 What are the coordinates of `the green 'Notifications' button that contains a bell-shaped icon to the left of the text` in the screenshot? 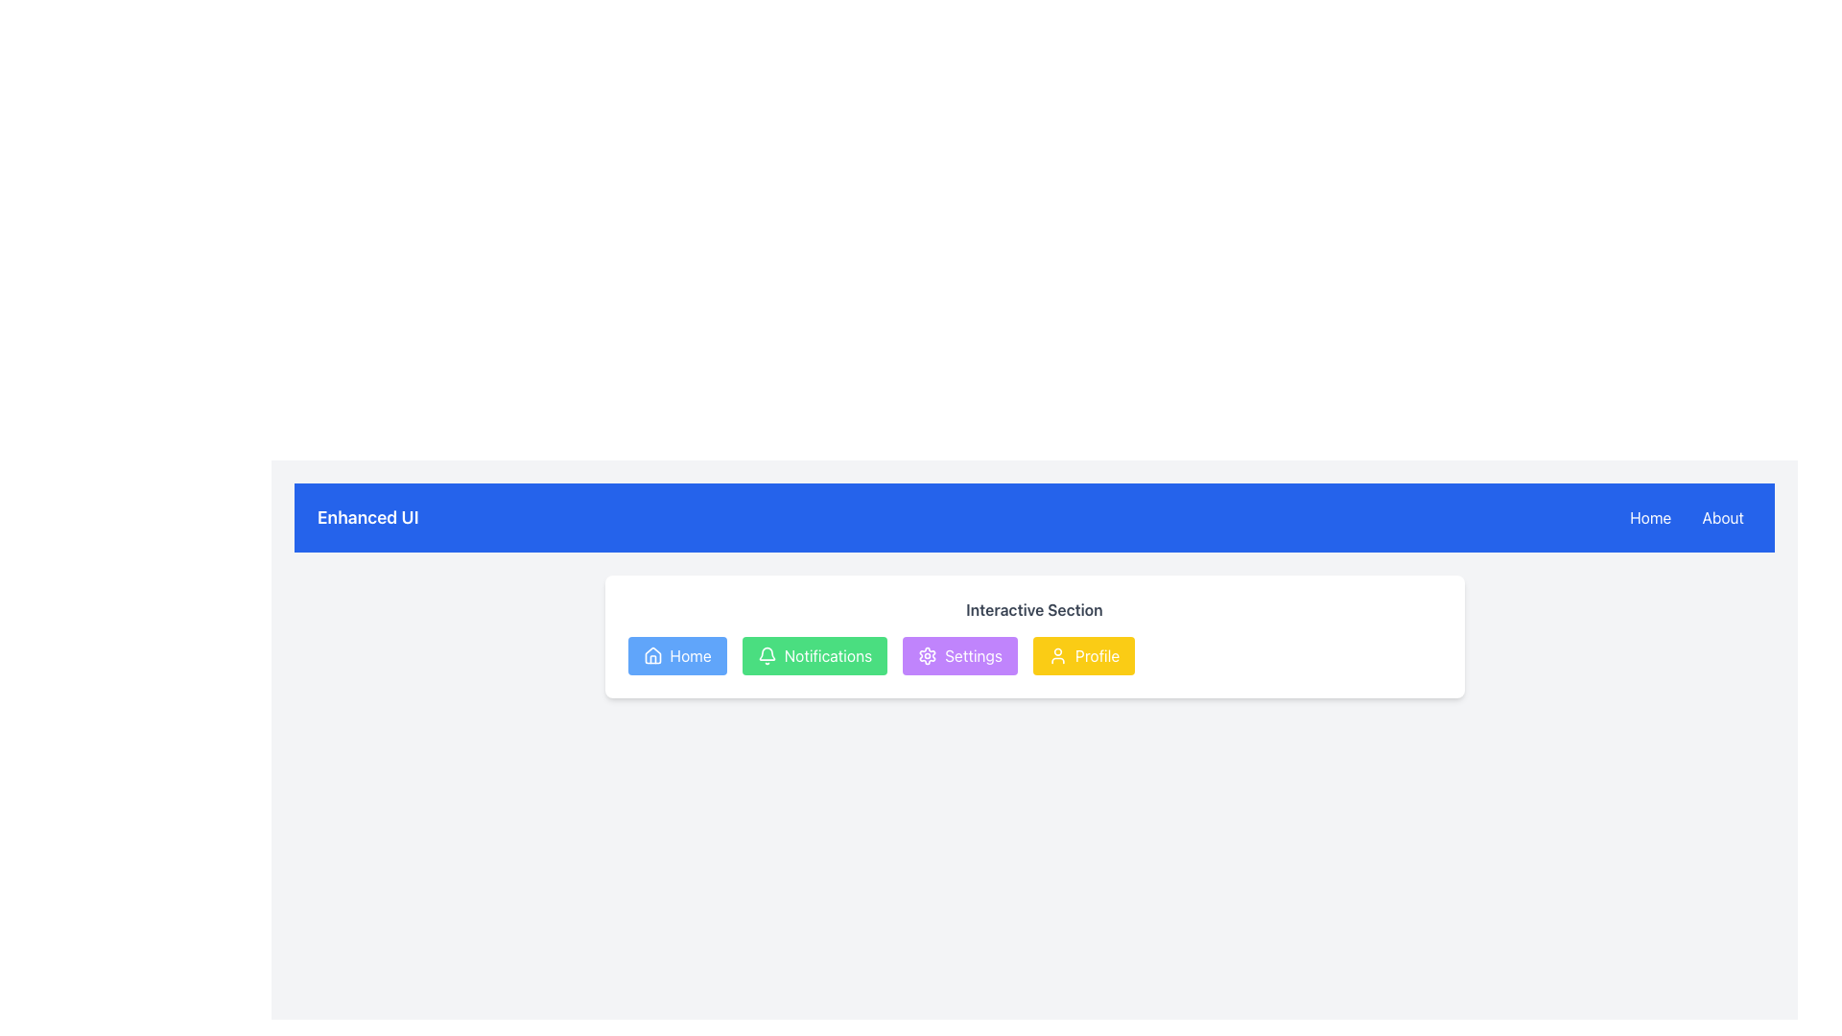 It's located at (766, 654).